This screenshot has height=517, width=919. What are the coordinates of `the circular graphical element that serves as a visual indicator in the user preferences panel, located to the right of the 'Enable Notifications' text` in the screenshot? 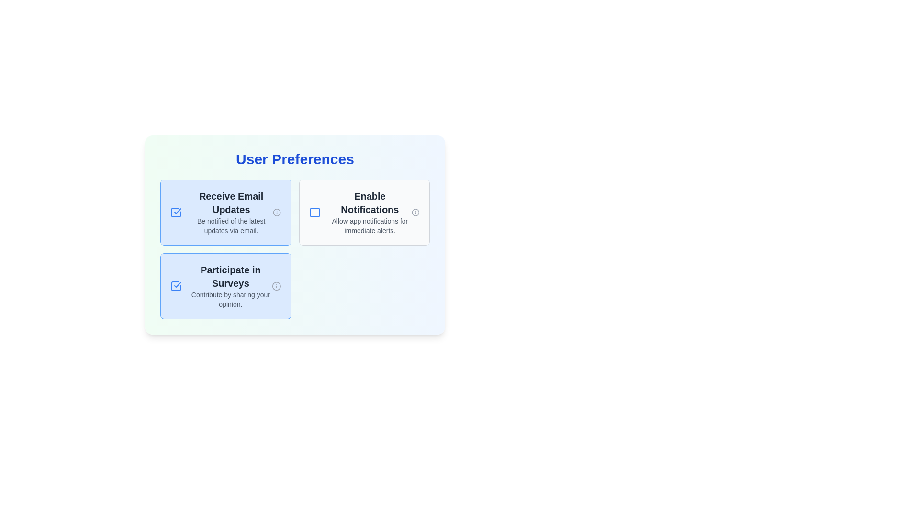 It's located at (415, 212).